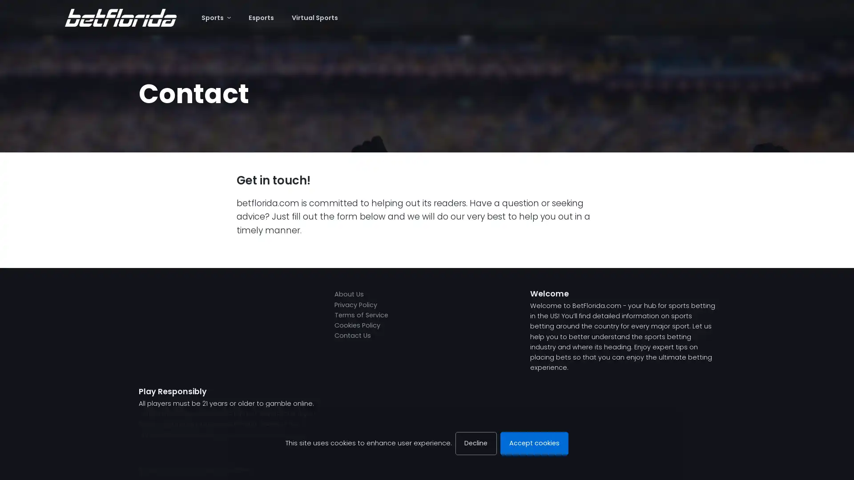 Image resolution: width=854 pixels, height=480 pixels. I want to click on Accept cookies, so click(534, 443).